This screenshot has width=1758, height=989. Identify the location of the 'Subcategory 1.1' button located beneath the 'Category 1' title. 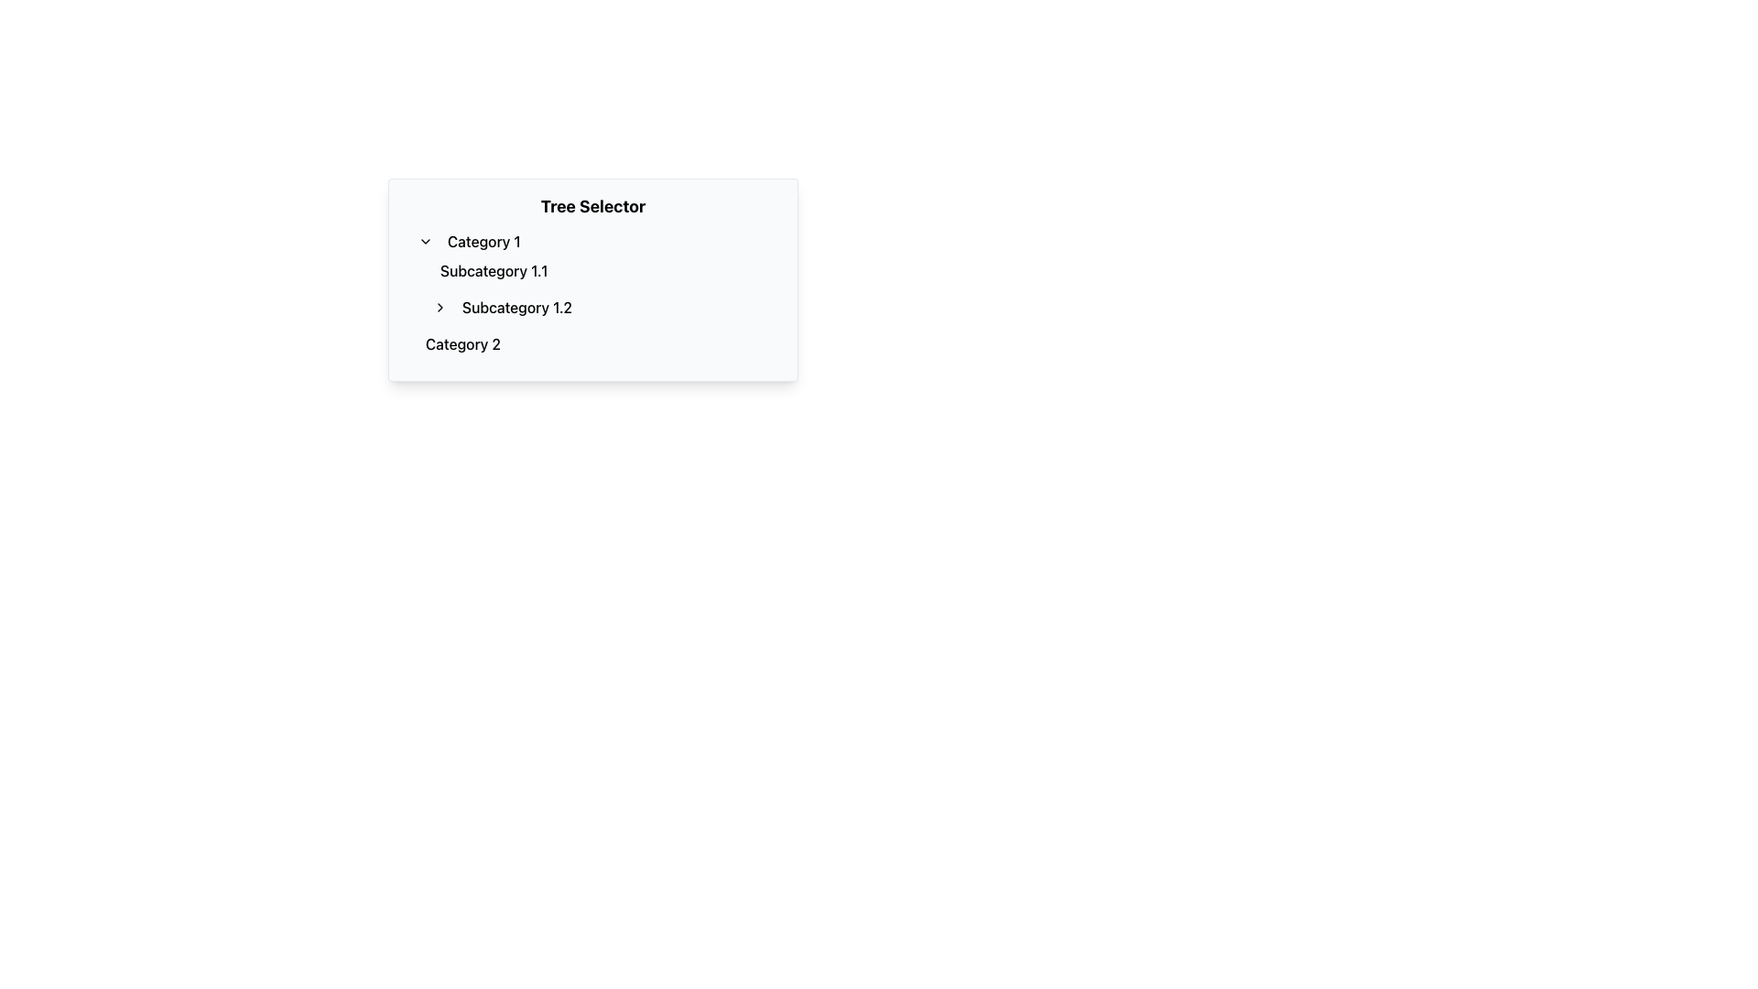
(494, 271).